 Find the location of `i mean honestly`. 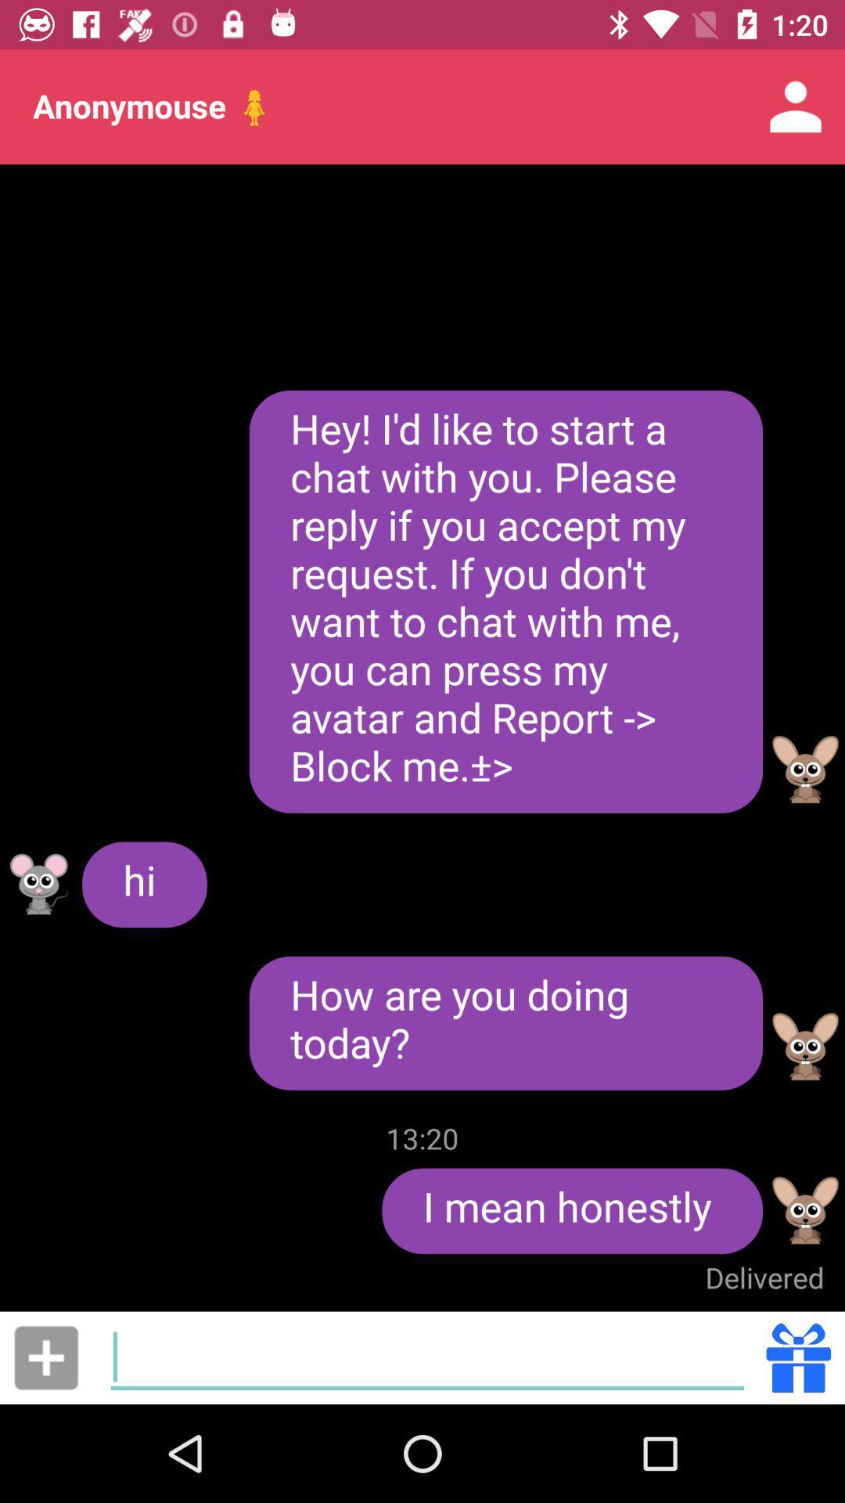

i mean honestly is located at coordinates (572, 1210).